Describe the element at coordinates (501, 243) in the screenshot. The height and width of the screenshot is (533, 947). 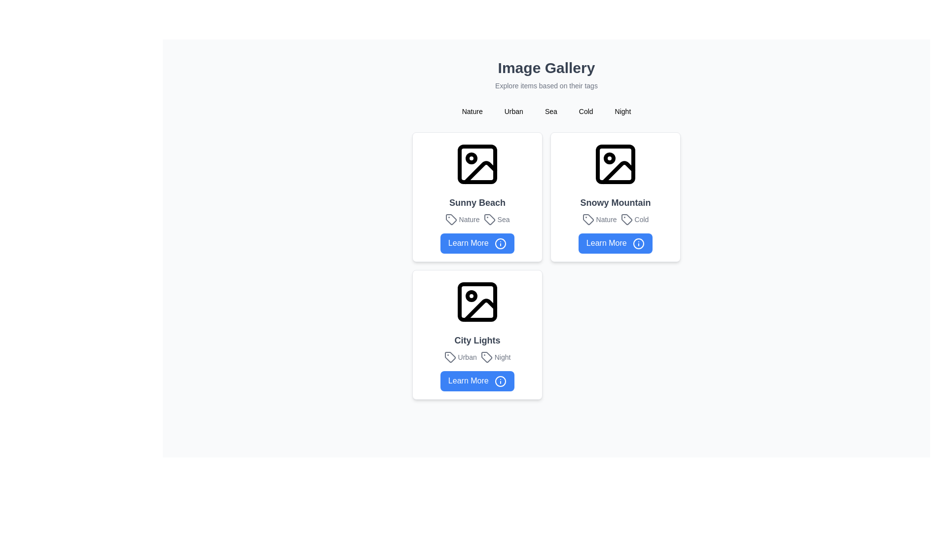
I see `the blue button labeled 'Learn More' that contains the circular information icon with an 'i' symbol` at that location.